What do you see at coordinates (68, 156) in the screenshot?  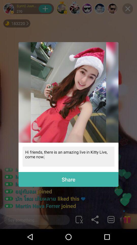 I see `hi friends there icon` at bounding box center [68, 156].